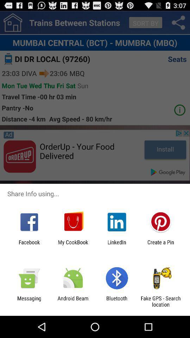  What do you see at coordinates (72, 245) in the screenshot?
I see `item to the left of linkedin app` at bounding box center [72, 245].